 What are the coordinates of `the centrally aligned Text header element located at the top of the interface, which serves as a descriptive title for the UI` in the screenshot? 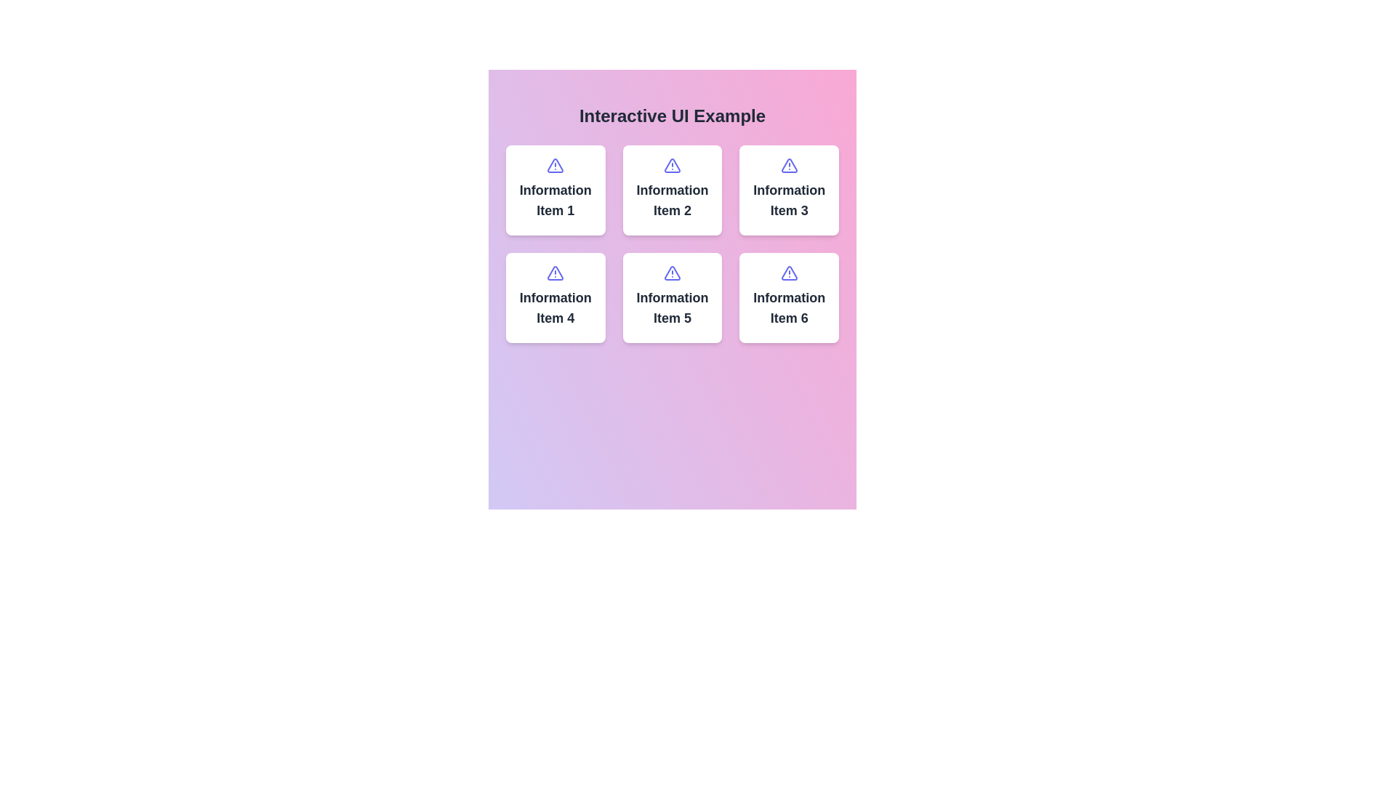 It's located at (672, 115).